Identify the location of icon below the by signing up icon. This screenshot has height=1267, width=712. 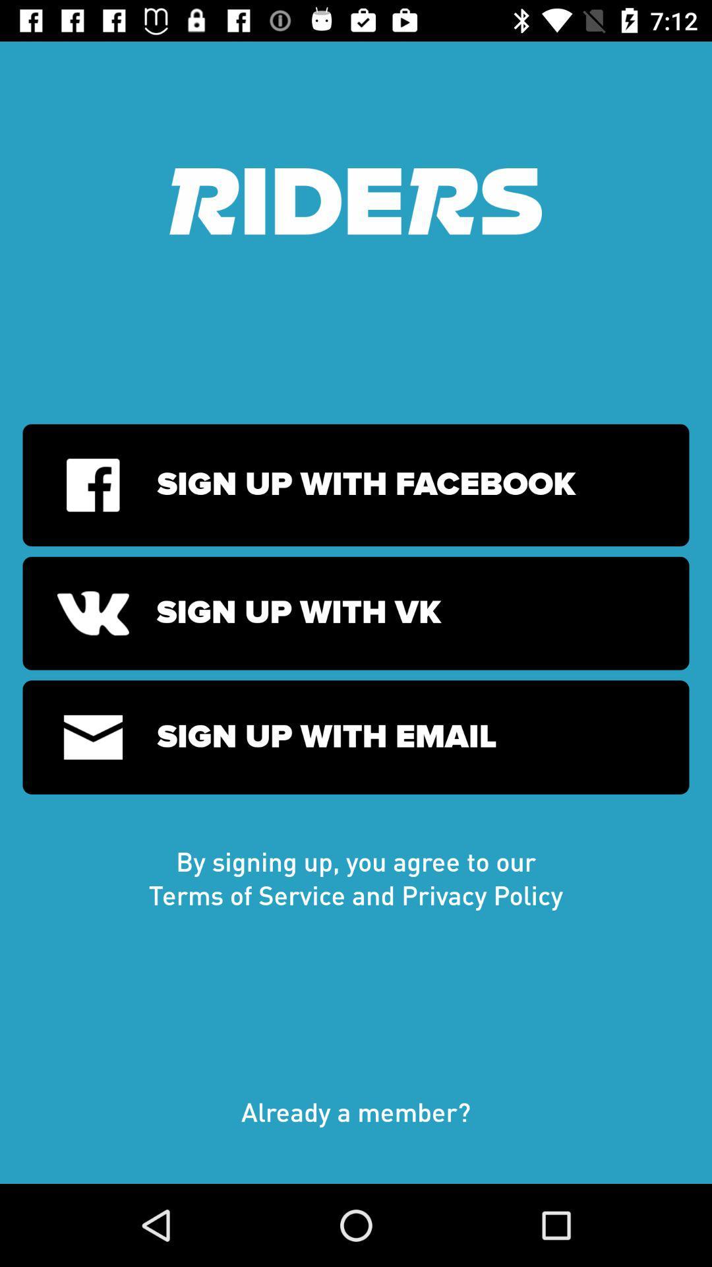
(356, 1124).